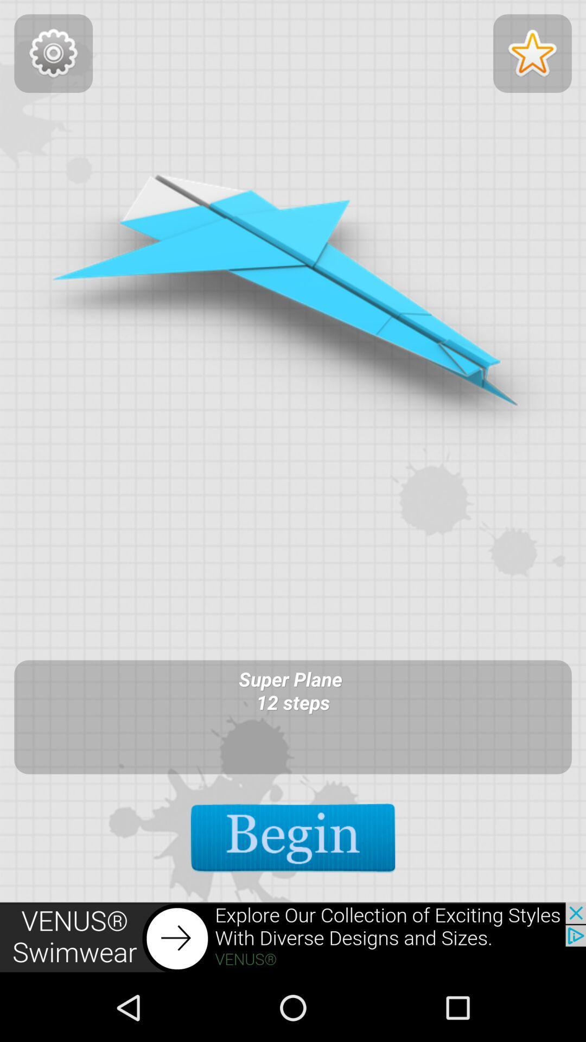 The width and height of the screenshot is (586, 1042). I want to click on the star icon, so click(532, 56).